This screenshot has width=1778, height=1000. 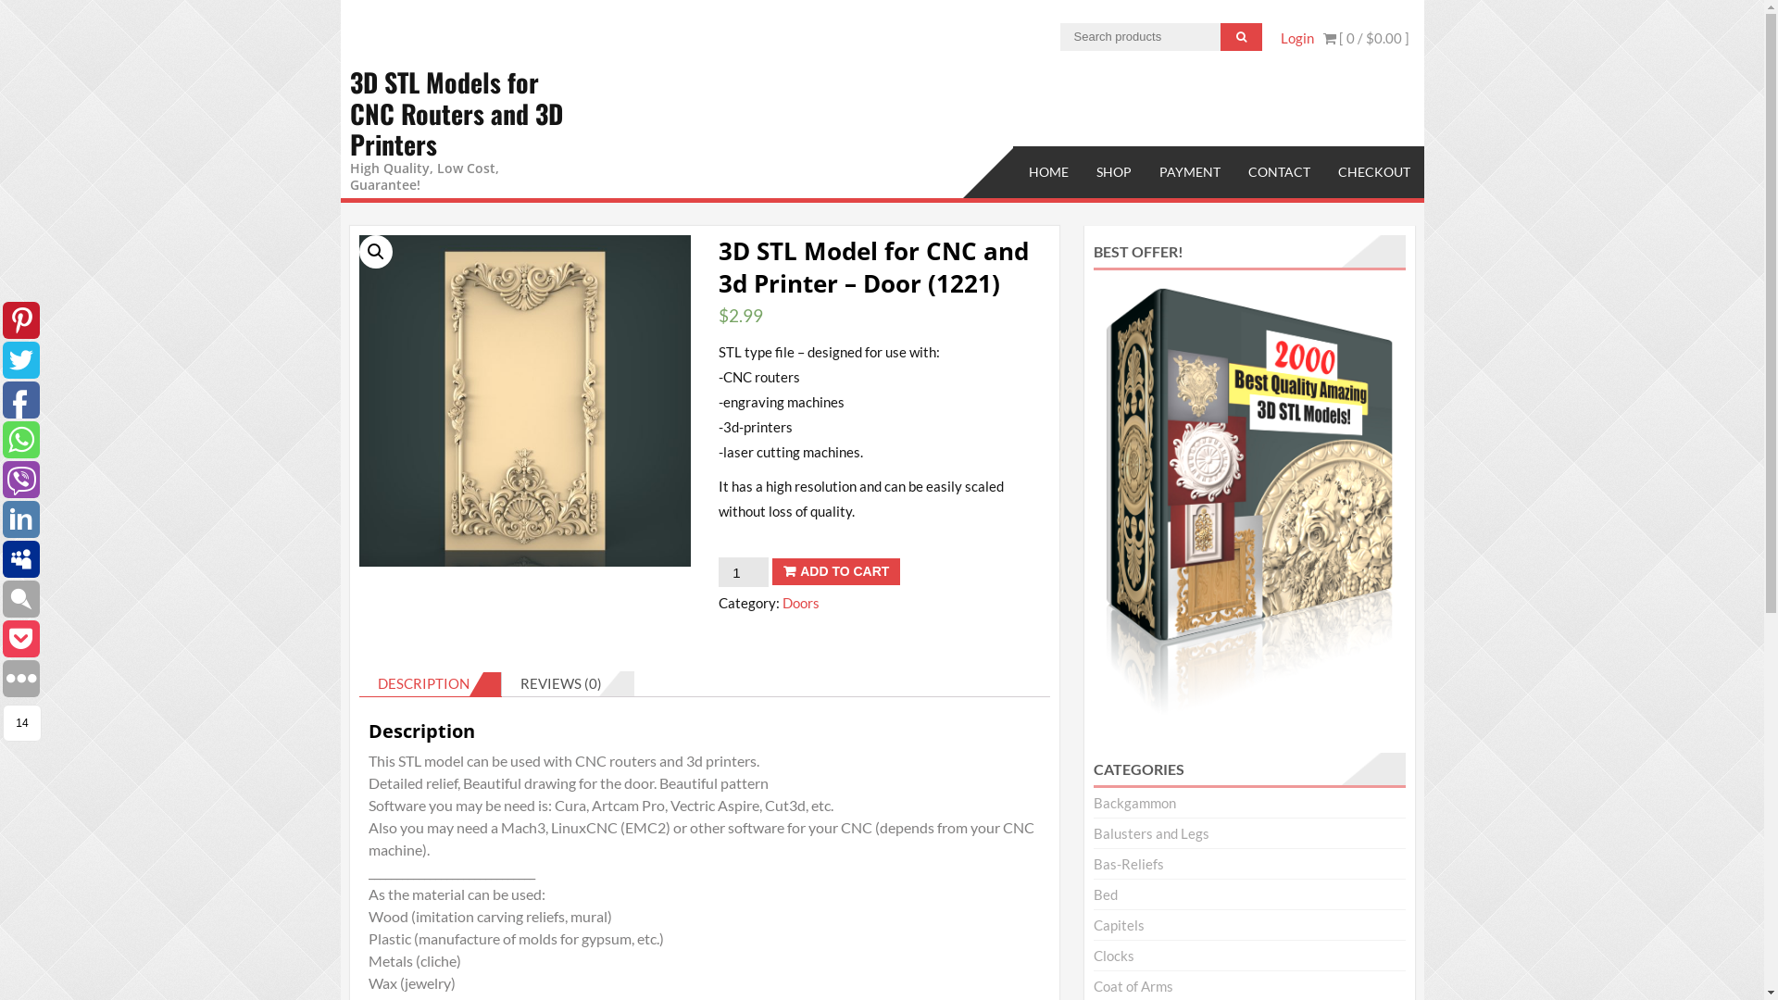 I want to click on 'Capitels', so click(x=1118, y=925).